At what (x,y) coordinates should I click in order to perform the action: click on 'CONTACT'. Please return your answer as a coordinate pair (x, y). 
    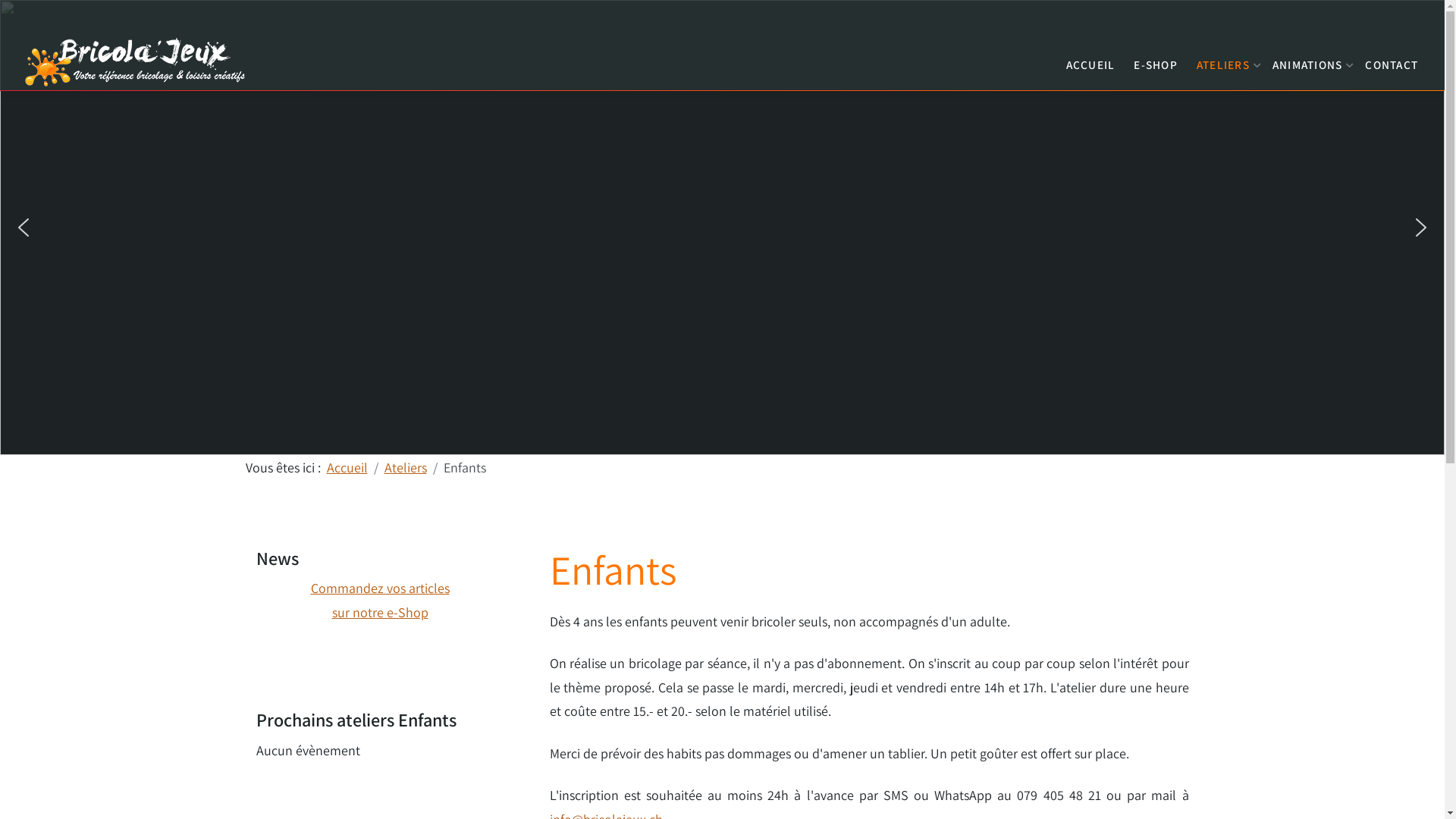
    Looking at the image, I should click on (1361, 60).